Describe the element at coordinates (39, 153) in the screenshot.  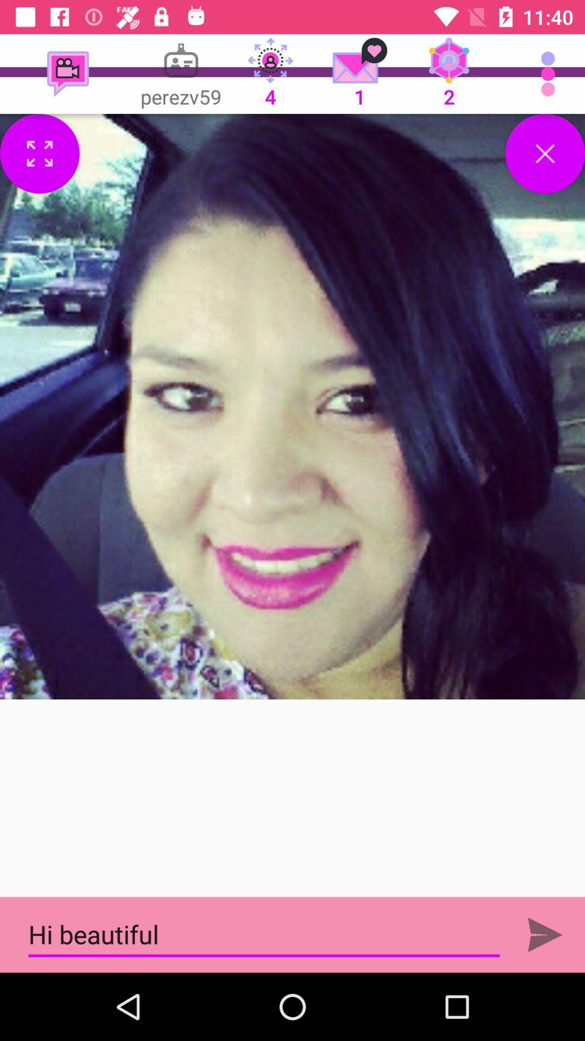
I see `menu options` at that location.